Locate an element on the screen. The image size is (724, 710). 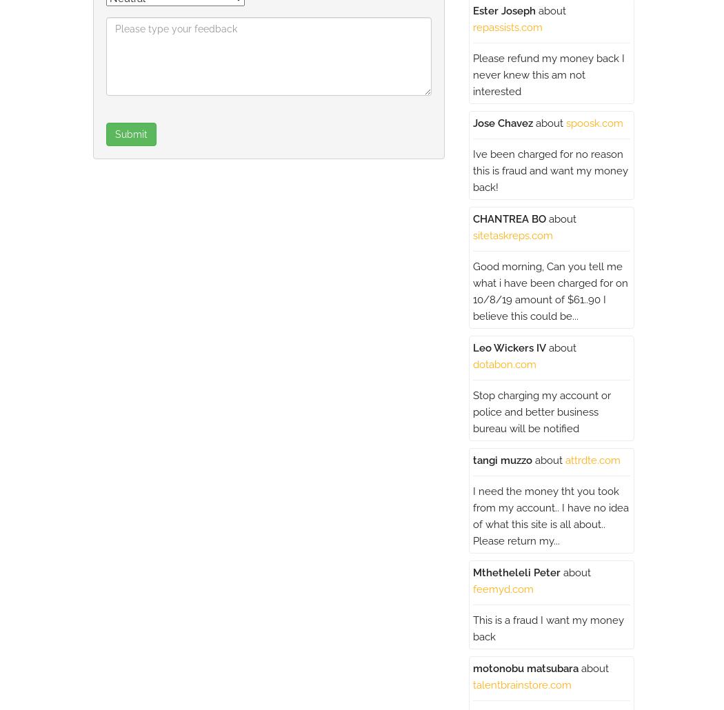
'dotabon.com' is located at coordinates (472, 363).